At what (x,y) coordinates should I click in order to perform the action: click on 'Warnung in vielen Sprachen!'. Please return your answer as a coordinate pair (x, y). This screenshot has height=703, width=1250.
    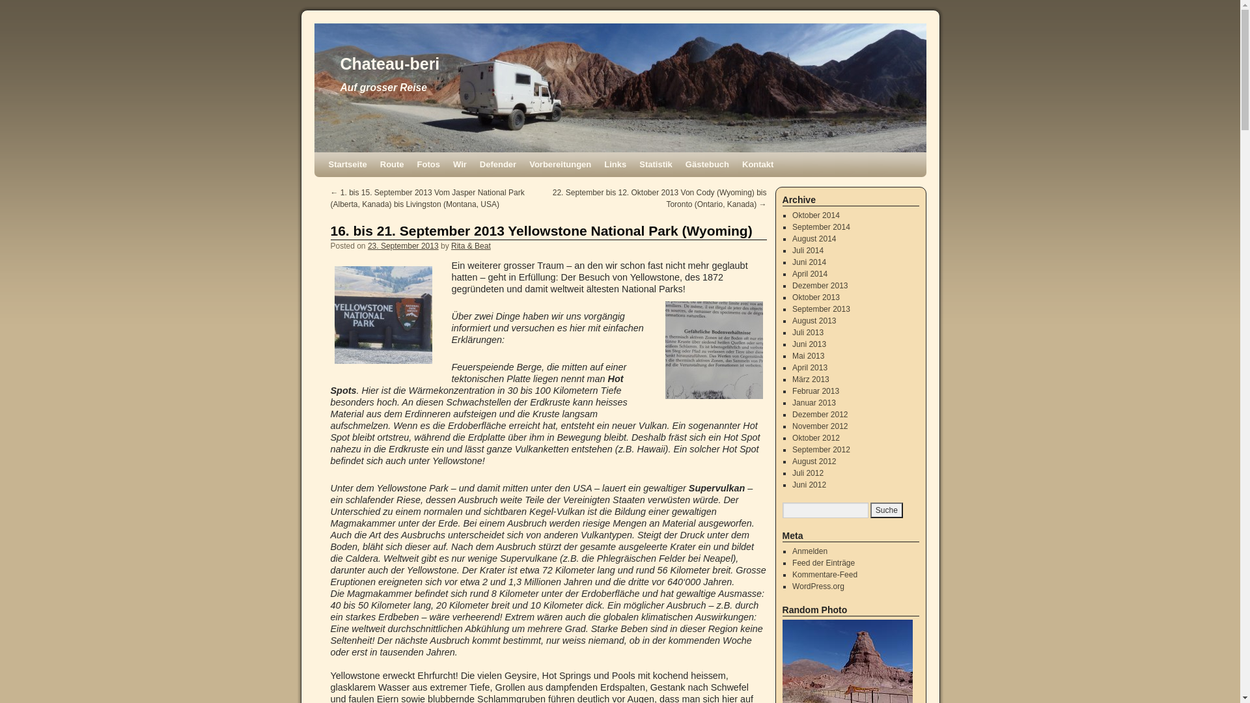
    Looking at the image, I should click on (714, 349).